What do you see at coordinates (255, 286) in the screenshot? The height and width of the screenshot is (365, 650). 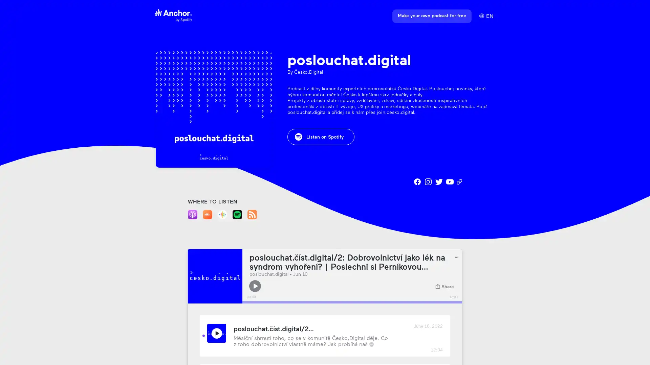 I see `Play or pause` at bounding box center [255, 286].